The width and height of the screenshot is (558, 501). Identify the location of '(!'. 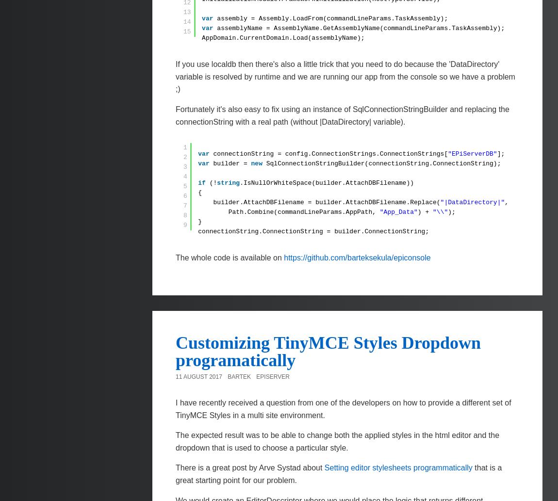
(213, 183).